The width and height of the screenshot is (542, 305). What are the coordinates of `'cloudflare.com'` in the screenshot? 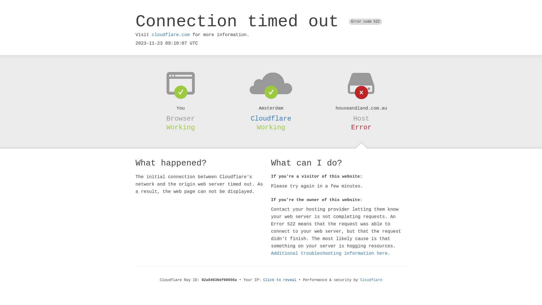 It's located at (170, 35).